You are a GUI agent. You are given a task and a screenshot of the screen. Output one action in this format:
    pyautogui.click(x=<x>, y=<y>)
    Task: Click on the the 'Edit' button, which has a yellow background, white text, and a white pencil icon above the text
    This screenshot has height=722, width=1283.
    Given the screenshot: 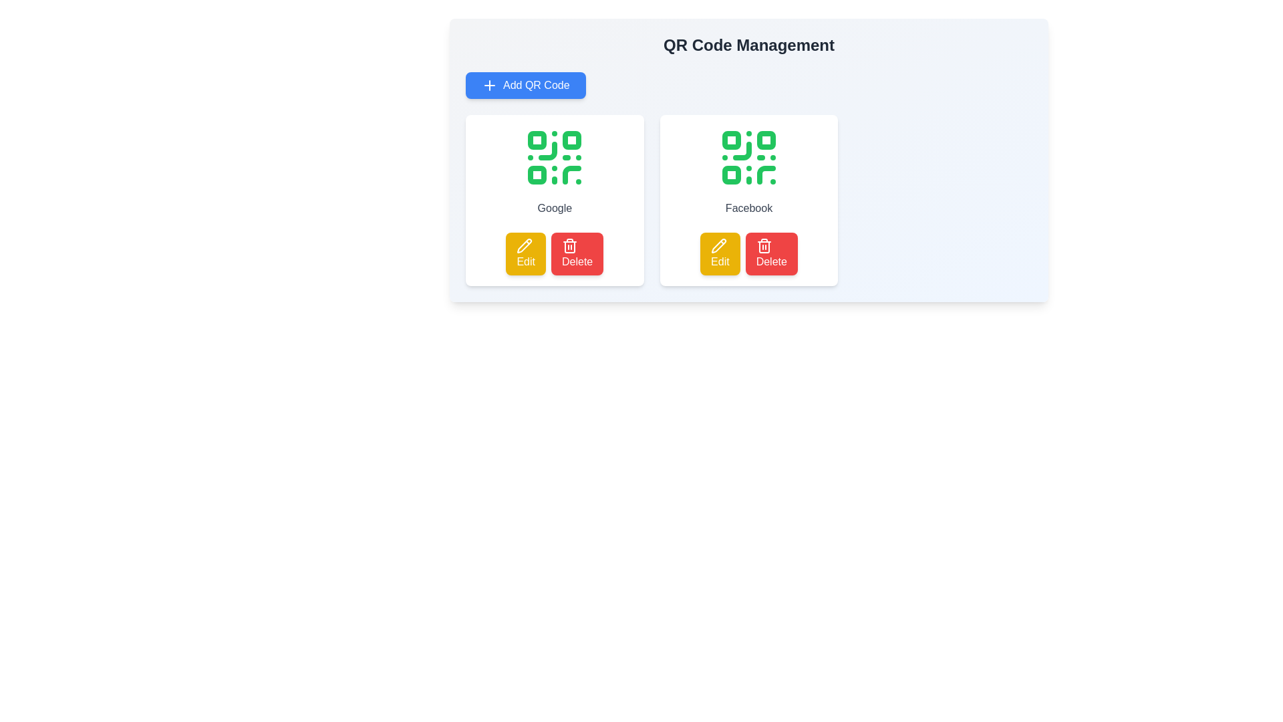 What is the action you would take?
    pyautogui.click(x=525, y=254)
    